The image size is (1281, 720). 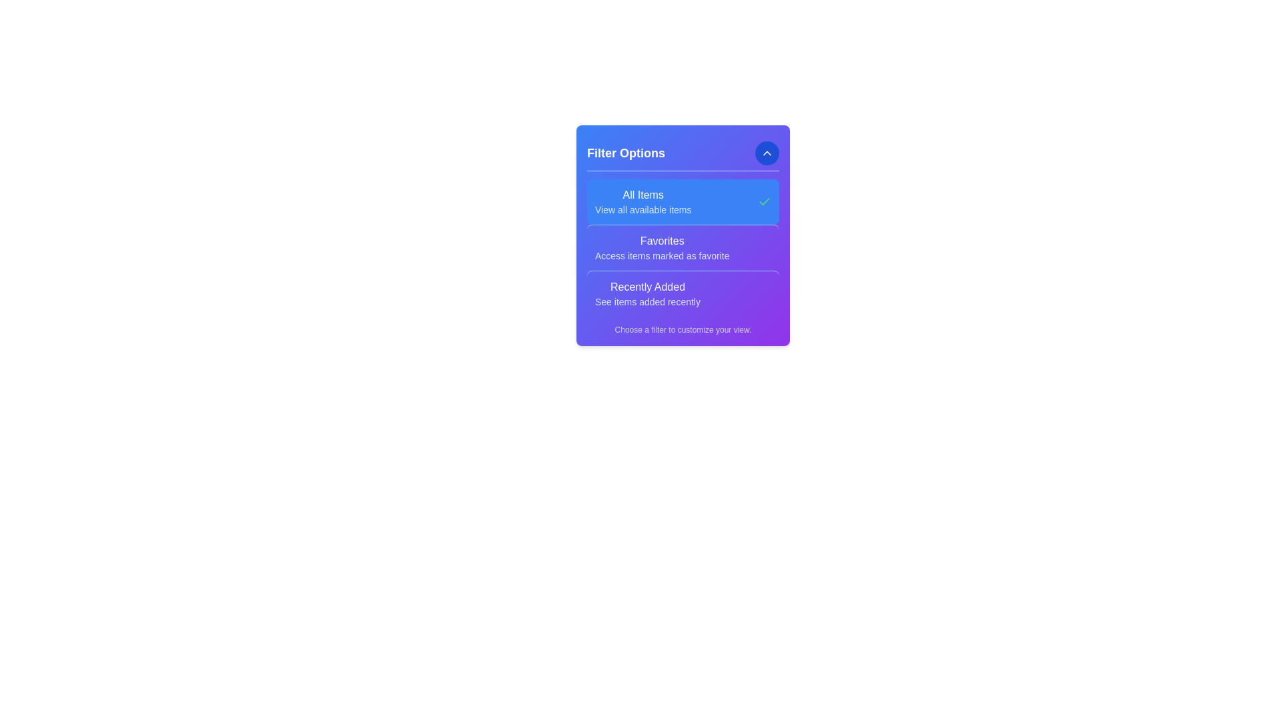 I want to click on the filter option Favorites, so click(x=662, y=247).